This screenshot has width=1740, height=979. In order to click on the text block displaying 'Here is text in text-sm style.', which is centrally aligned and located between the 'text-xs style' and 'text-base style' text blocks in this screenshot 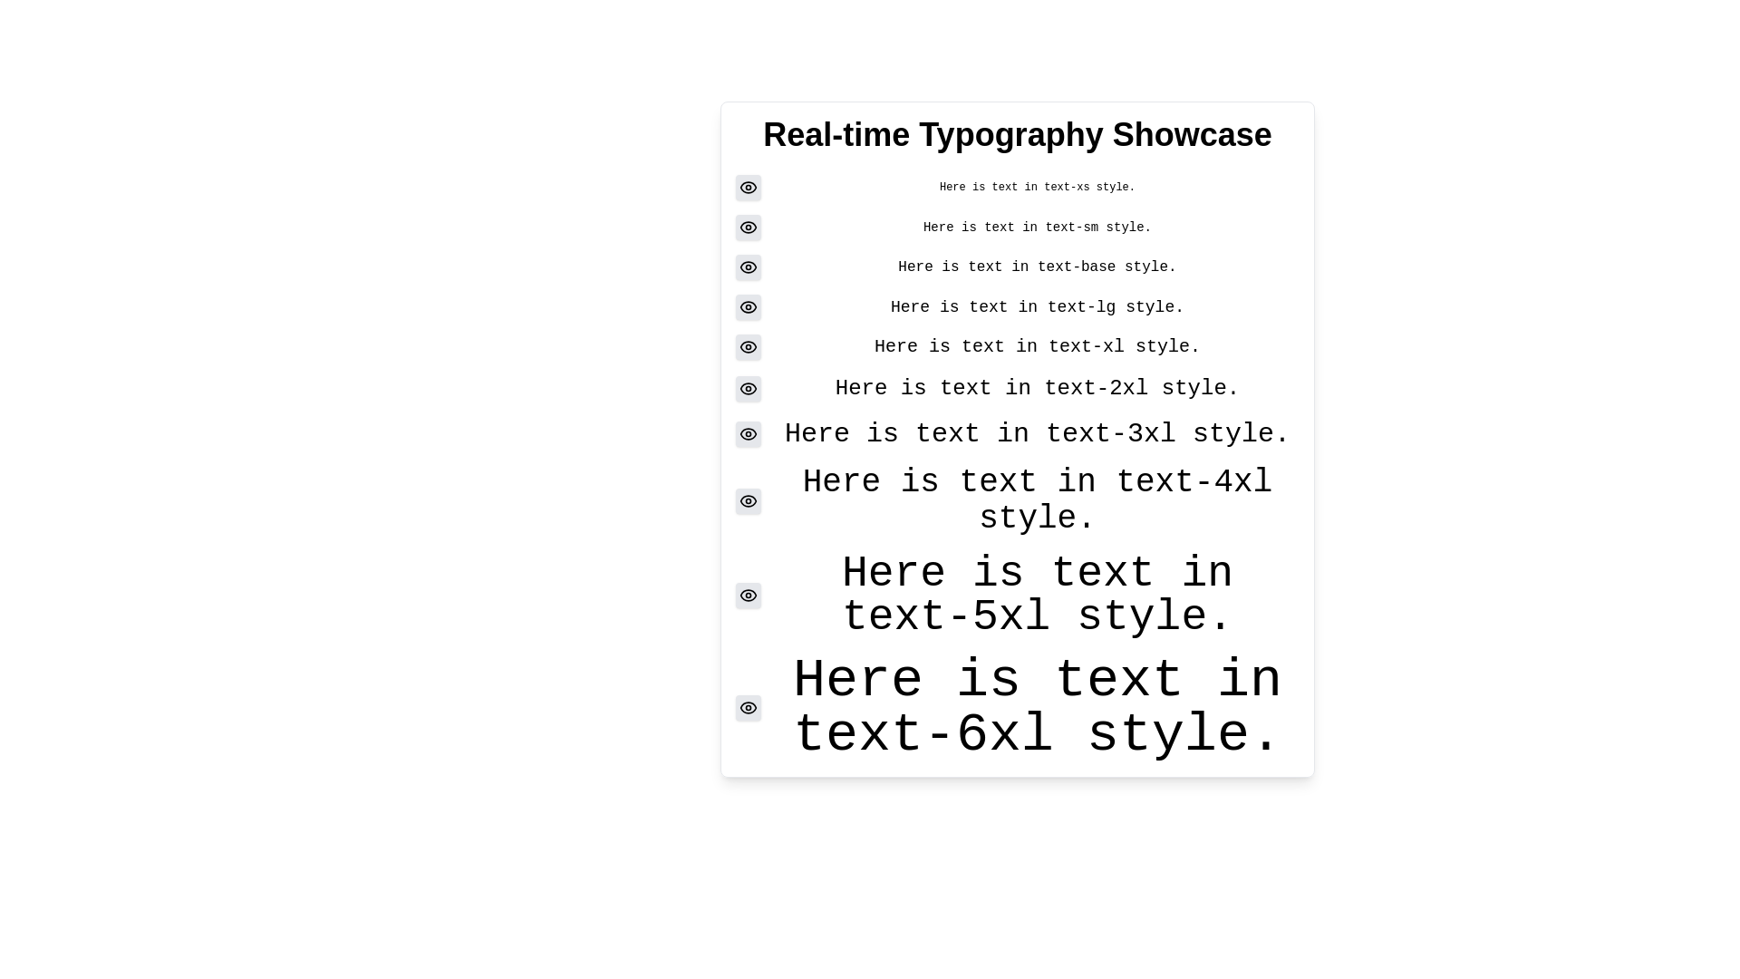, I will do `click(1018, 226)`.